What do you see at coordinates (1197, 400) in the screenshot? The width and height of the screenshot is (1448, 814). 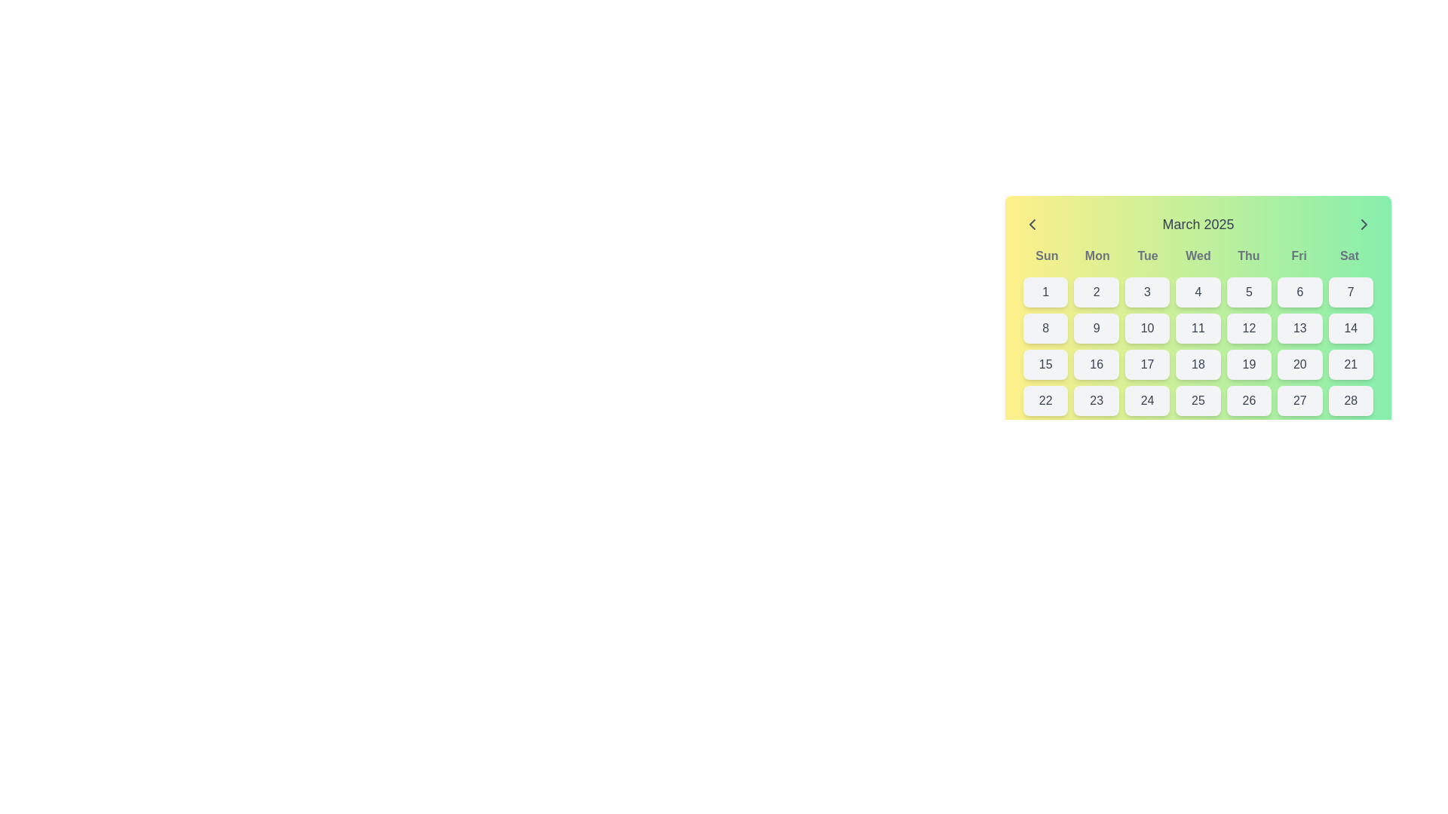 I see `the number button displaying '25' located in the fourth row and fourth column of the month calendar grid` at bounding box center [1197, 400].